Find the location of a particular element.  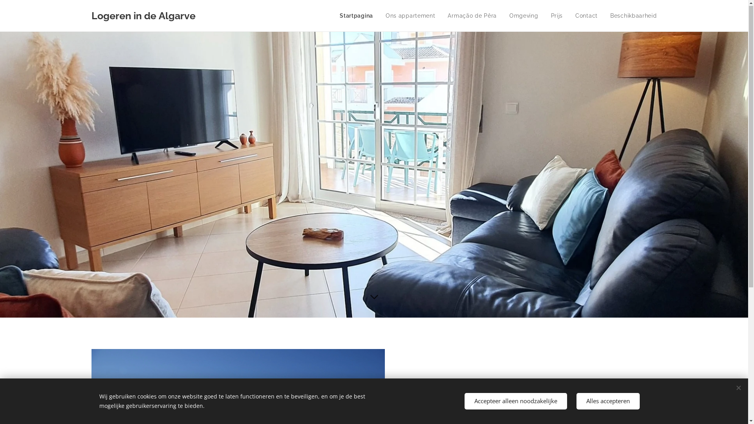

'Omgeving' is located at coordinates (524, 16).